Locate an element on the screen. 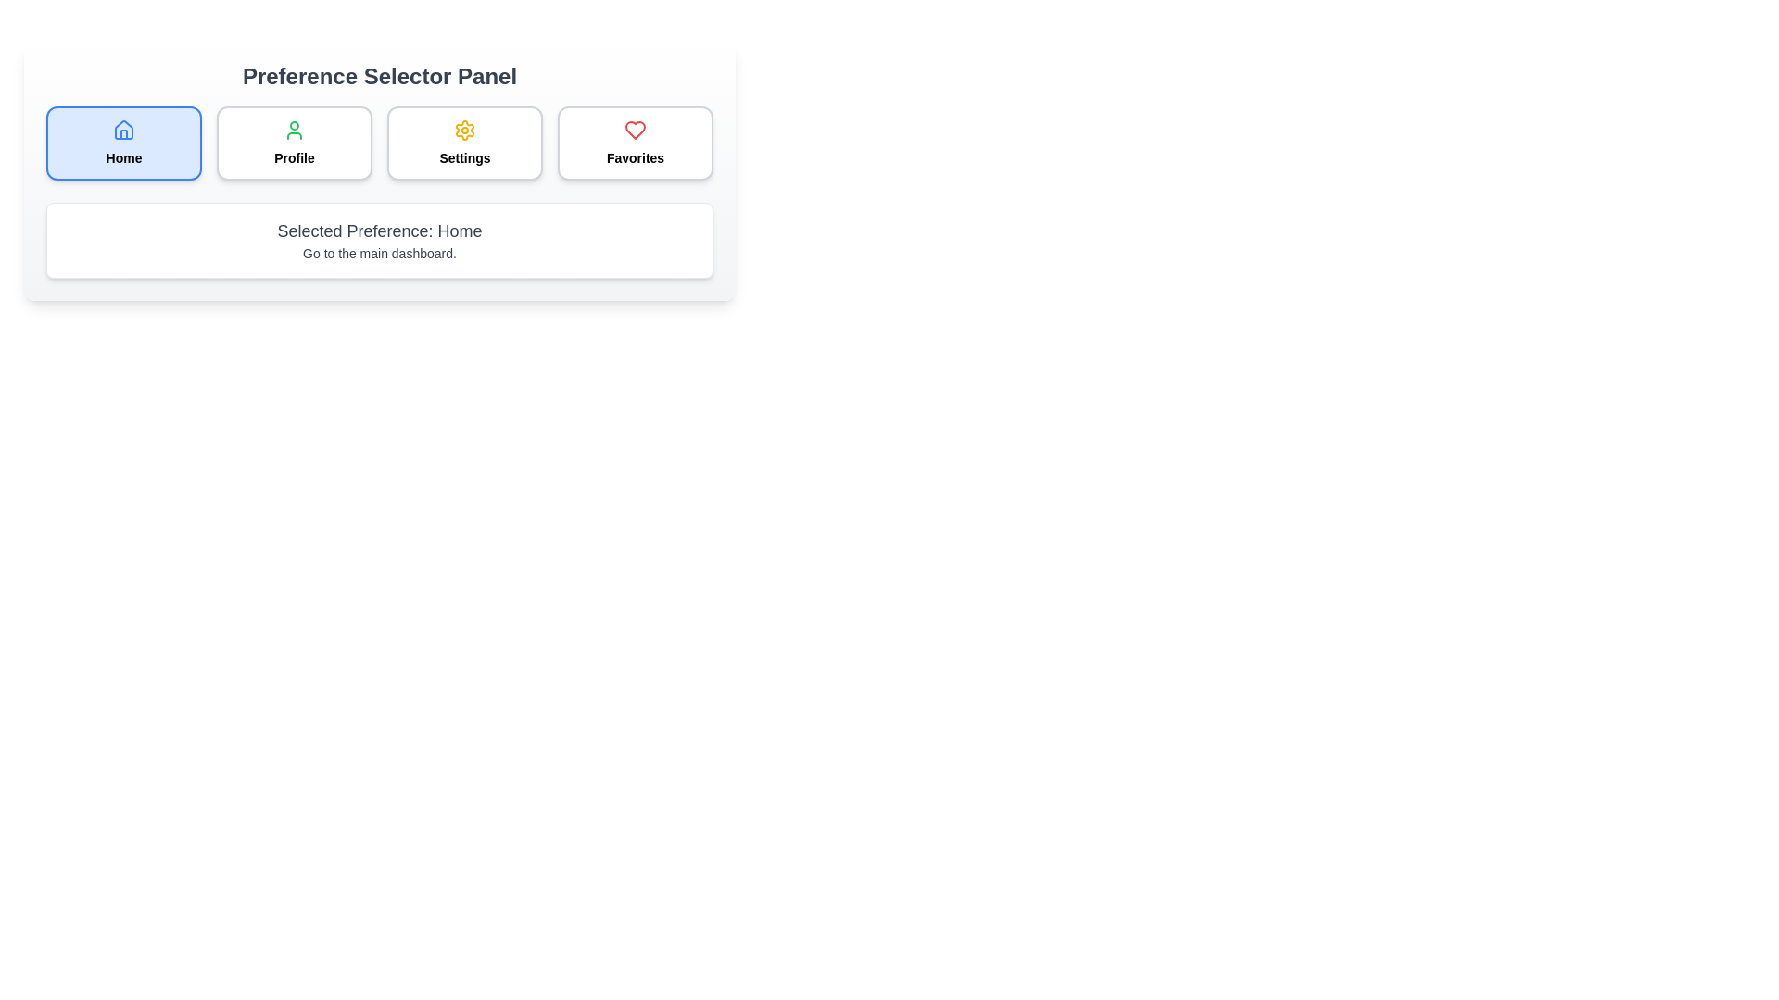 Image resolution: width=1779 pixels, height=1000 pixels. the second button in the grid is located at coordinates (293, 142).